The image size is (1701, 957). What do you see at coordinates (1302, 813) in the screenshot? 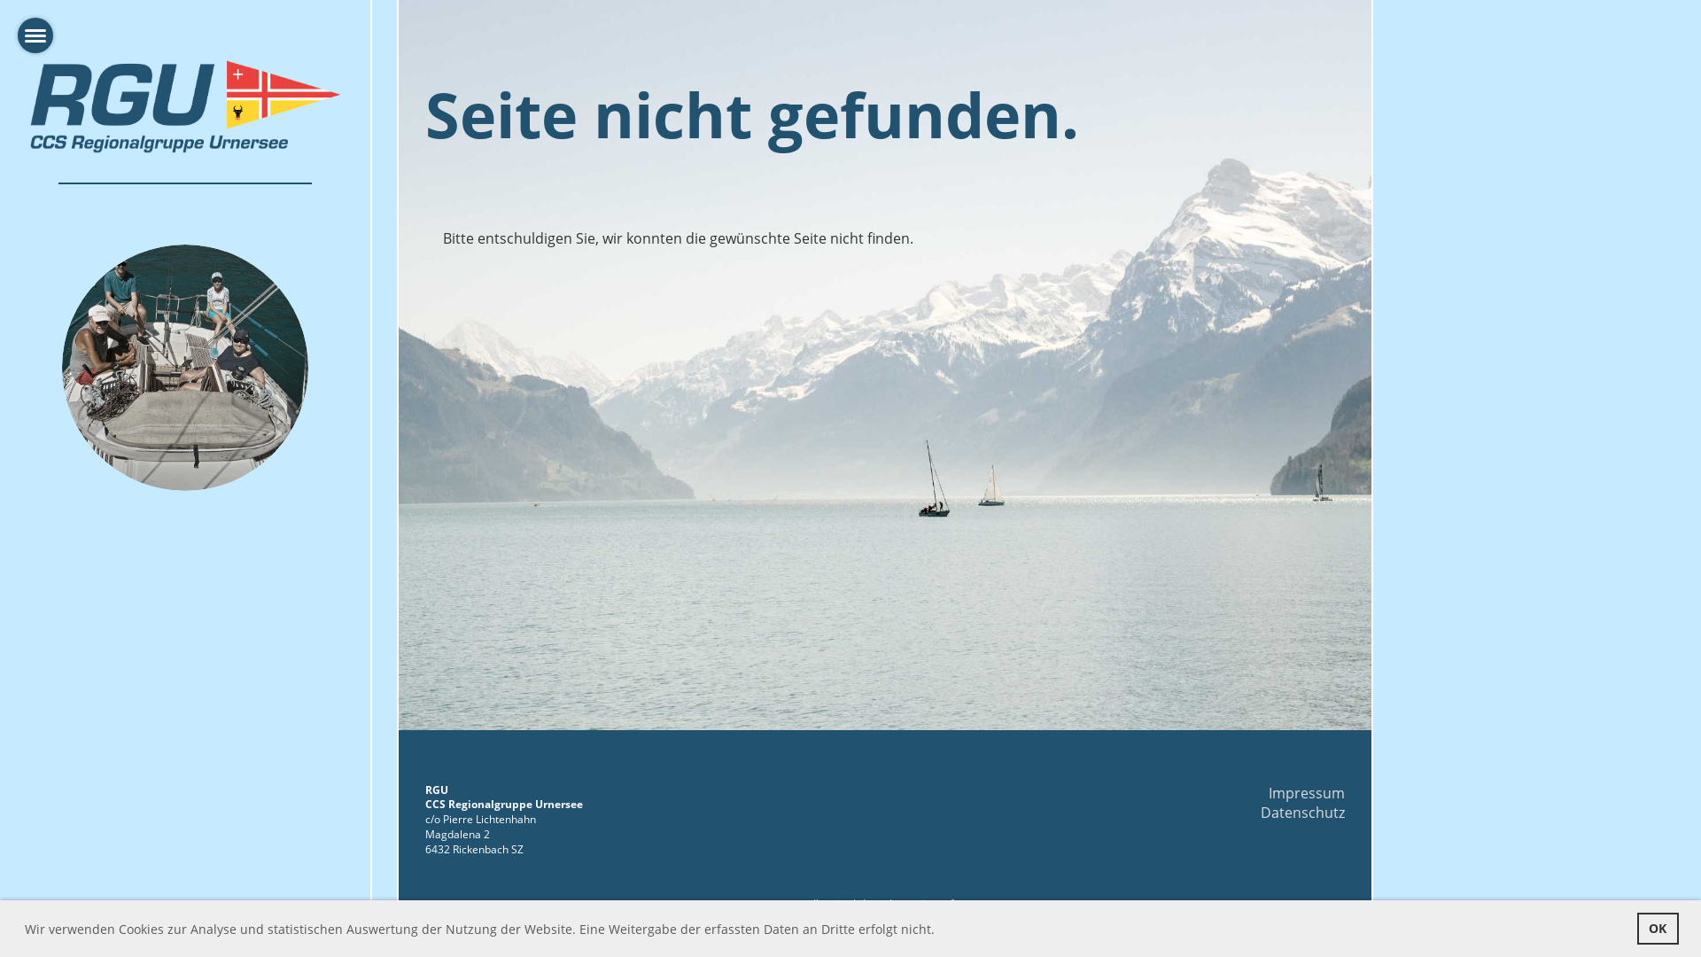
I see `'Datenschutz'` at bounding box center [1302, 813].